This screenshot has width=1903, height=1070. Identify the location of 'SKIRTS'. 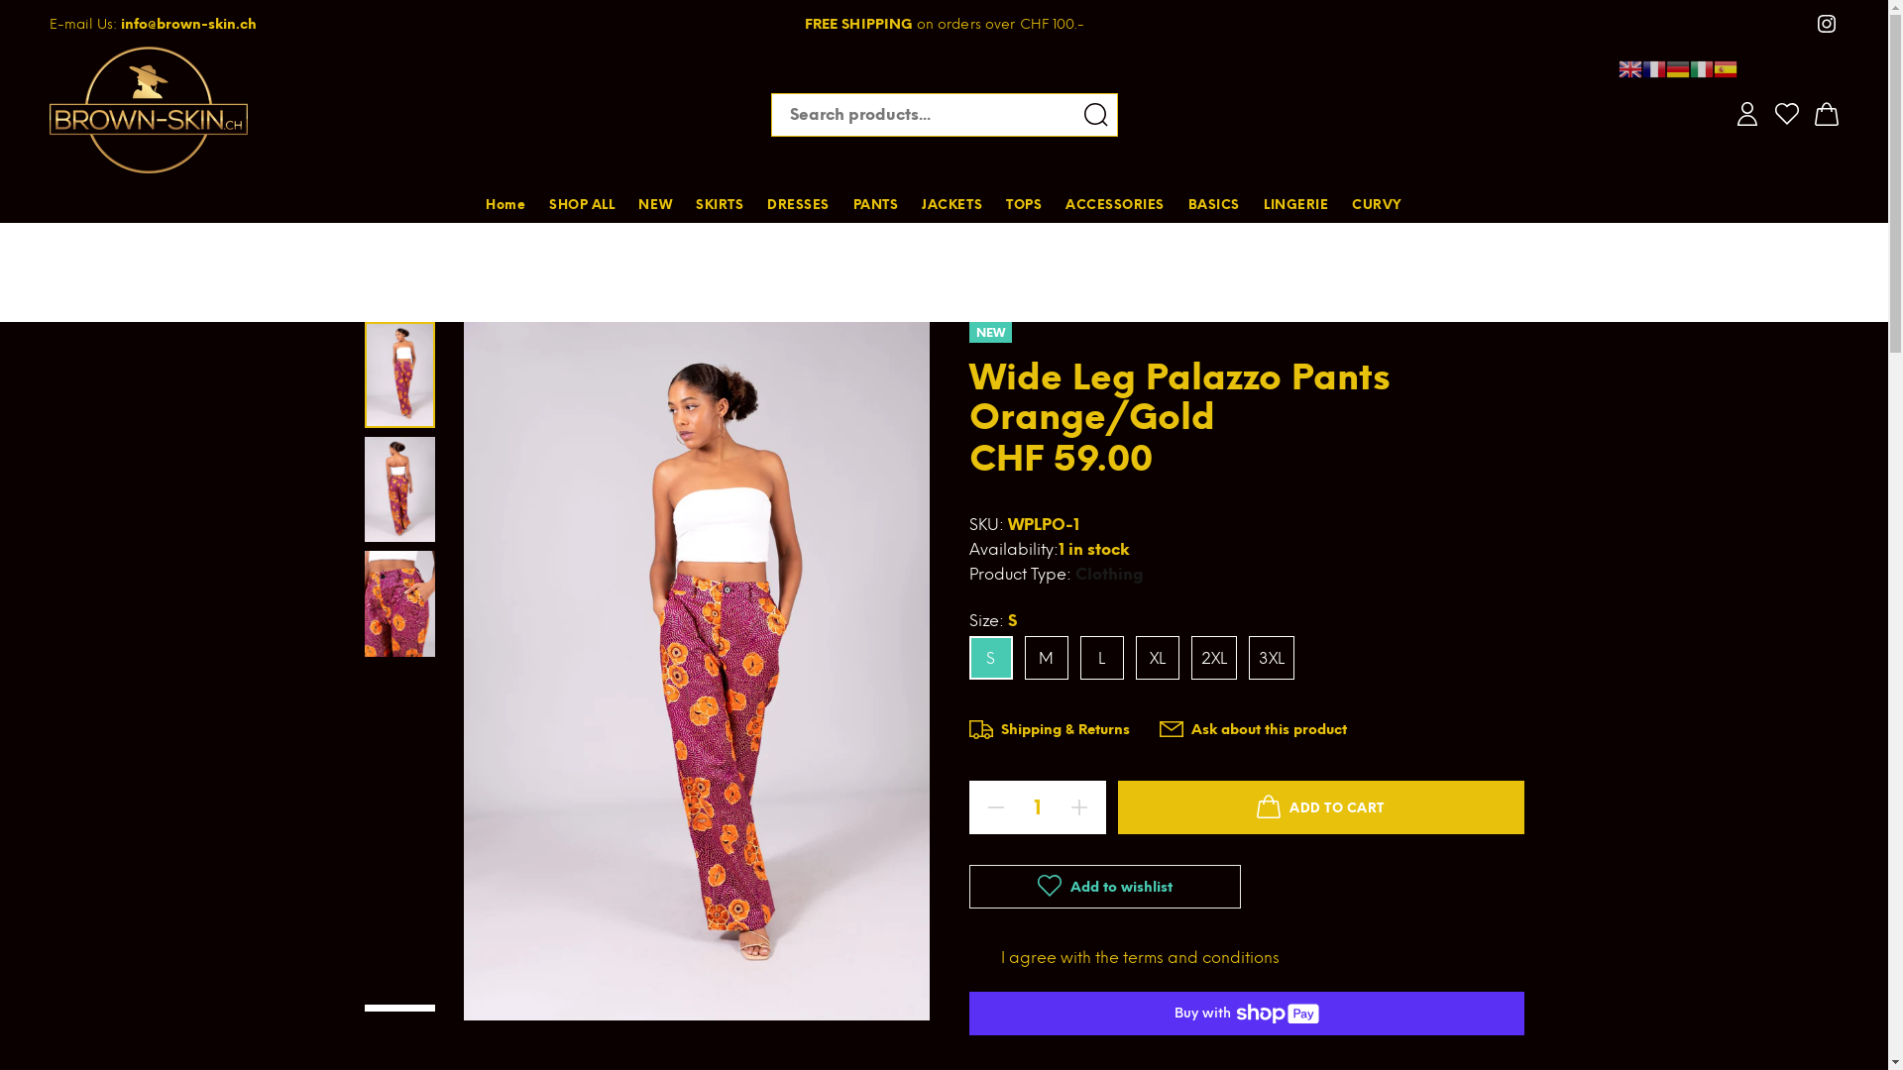
(718, 203).